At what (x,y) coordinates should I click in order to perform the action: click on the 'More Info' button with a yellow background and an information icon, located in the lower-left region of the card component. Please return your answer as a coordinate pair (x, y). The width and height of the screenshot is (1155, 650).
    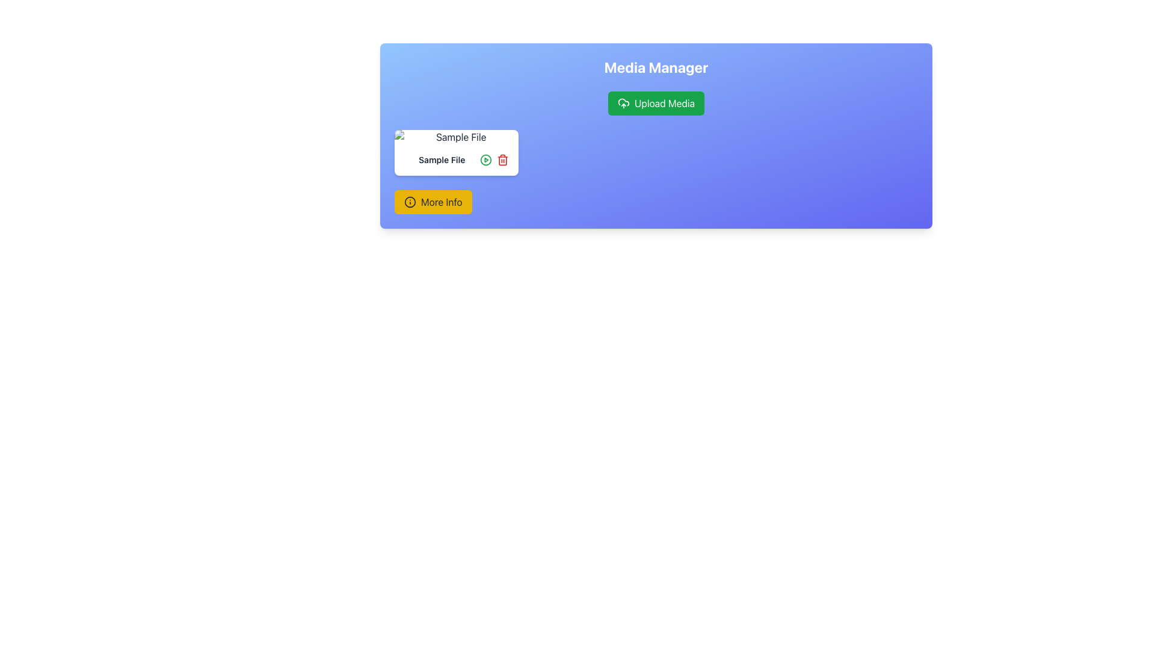
    Looking at the image, I should click on (433, 201).